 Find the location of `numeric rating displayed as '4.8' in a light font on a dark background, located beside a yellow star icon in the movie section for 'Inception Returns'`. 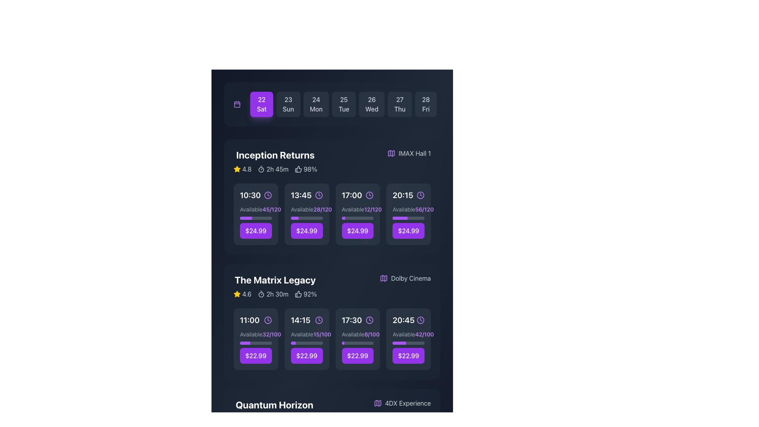

numeric rating displayed as '4.8' in a light font on a dark background, located beside a yellow star icon in the movie section for 'Inception Returns' is located at coordinates (246, 169).